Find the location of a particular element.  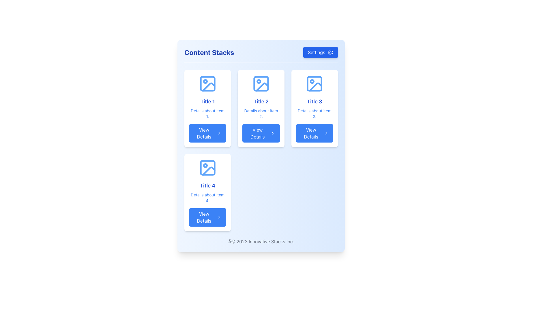

the small, rightward-facing blue chevron icon located within the 'View Details' button on the third card titled 'Title 3' for visual feedback is located at coordinates (326, 133).